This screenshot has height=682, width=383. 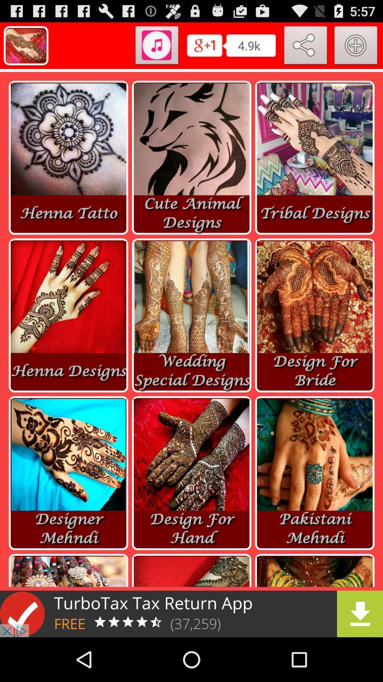 What do you see at coordinates (156, 50) in the screenshot?
I see `the music icon` at bounding box center [156, 50].